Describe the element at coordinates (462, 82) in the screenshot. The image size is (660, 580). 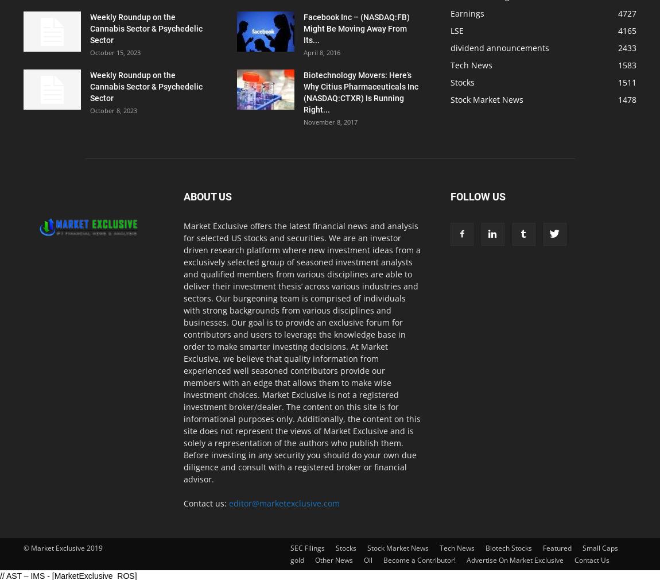
I see `'Stocks'` at that location.